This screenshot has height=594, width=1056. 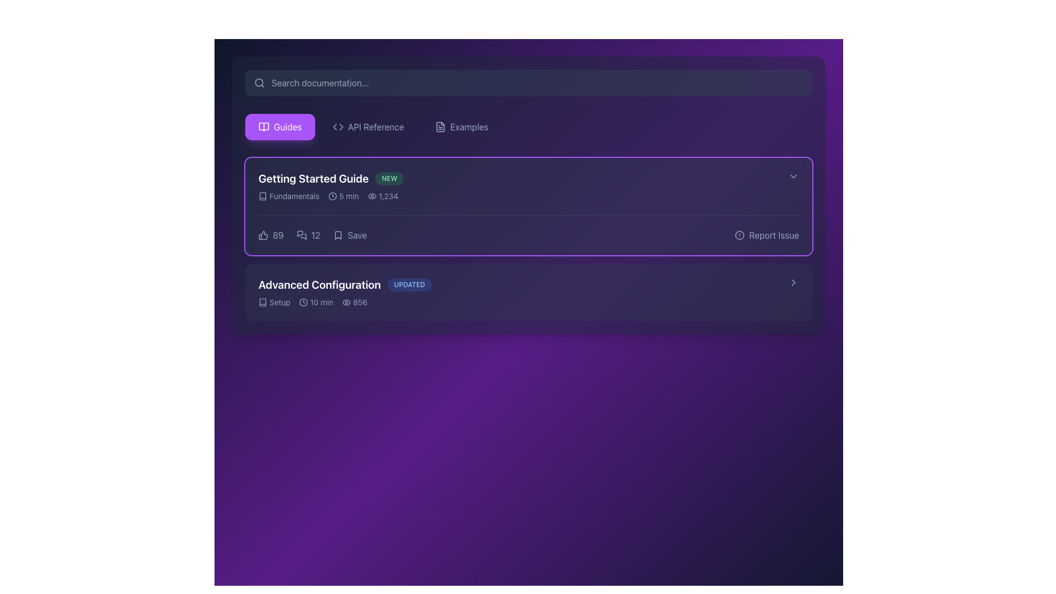 I want to click on the eye-shaped SVG element located to the right of the 'Getting Started Guide' list item, so click(x=372, y=196).